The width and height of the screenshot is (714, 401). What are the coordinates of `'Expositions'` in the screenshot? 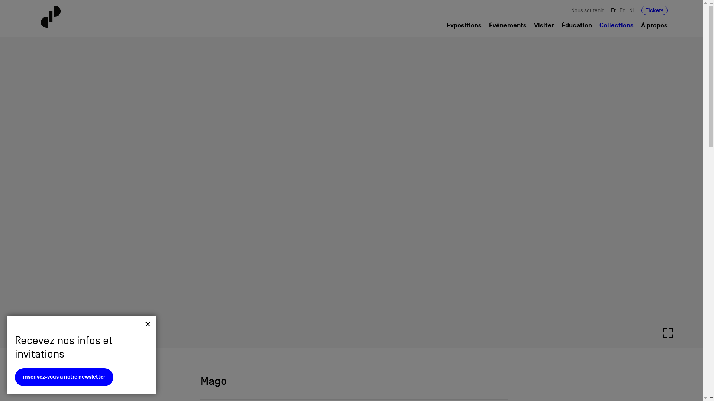 It's located at (464, 25).